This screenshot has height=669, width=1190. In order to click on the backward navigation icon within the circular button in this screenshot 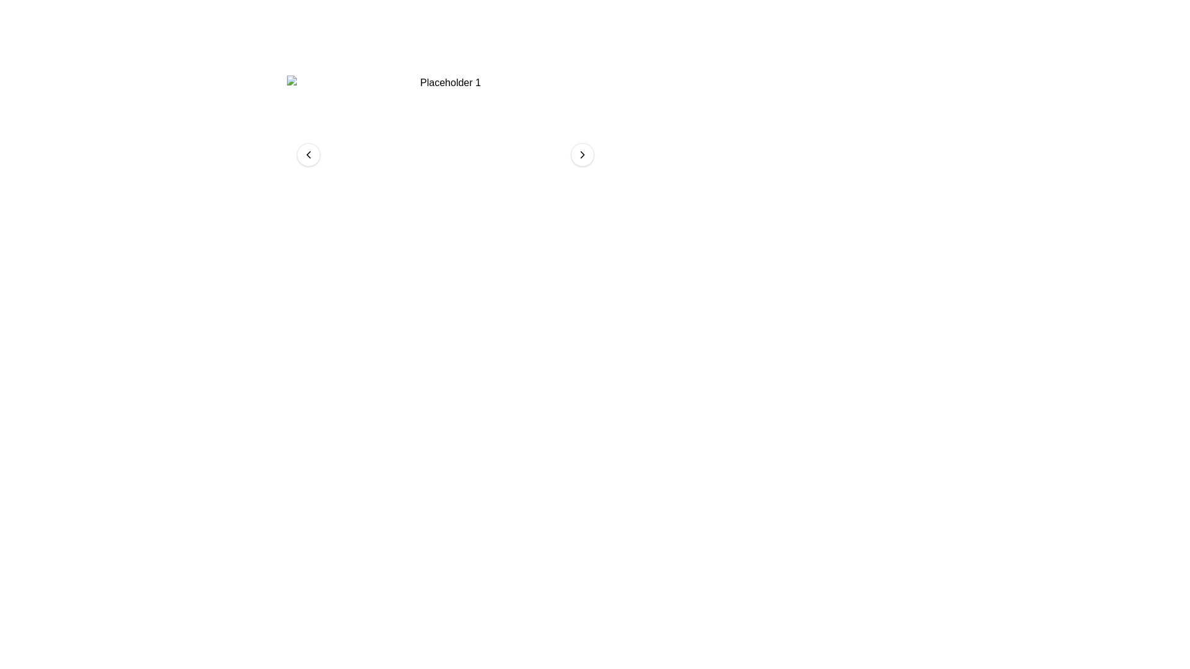, I will do `click(309, 154)`.